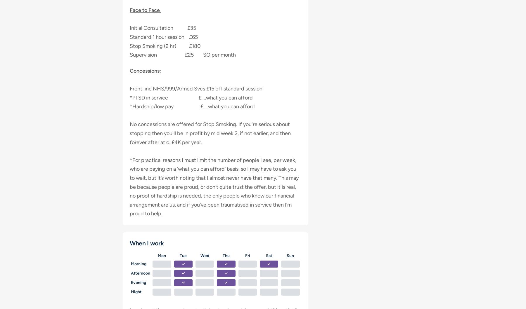 The height and width of the screenshot is (309, 526). What do you see at coordinates (246, 255) in the screenshot?
I see `'F'` at bounding box center [246, 255].